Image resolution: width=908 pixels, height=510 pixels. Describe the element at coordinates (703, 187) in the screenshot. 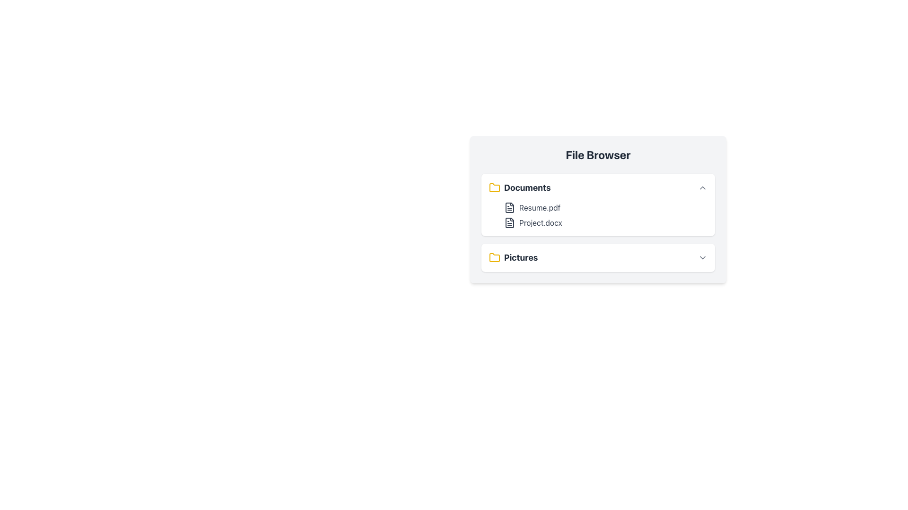

I see `the small upwards-pointing chevron icon located at the far right side of the 'Documents' section in the gray interface` at that location.